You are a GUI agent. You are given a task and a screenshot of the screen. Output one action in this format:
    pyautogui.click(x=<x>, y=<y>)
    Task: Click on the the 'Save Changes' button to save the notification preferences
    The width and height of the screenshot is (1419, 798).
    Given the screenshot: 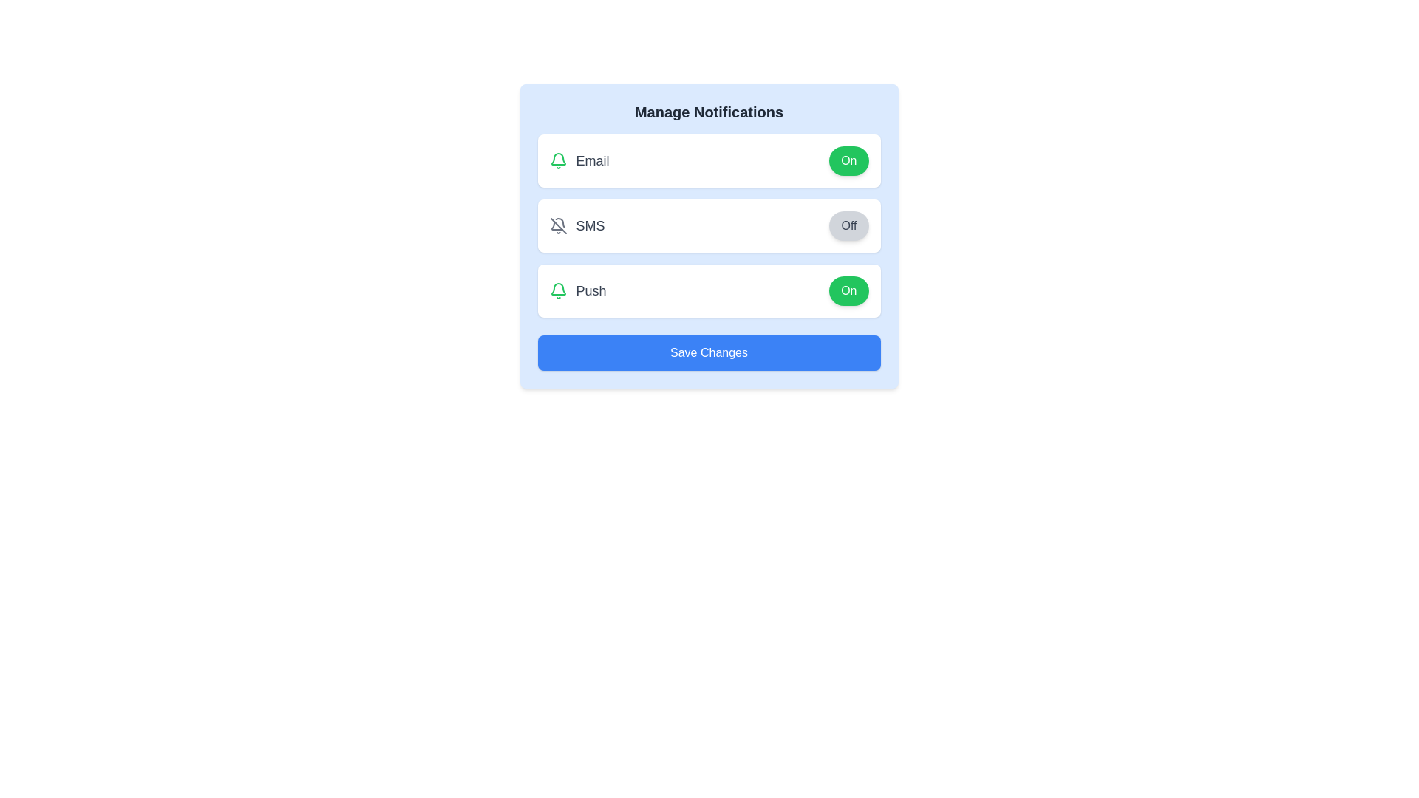 What is the action you would take?
    pyautogui.click(x=708, y=353)
    